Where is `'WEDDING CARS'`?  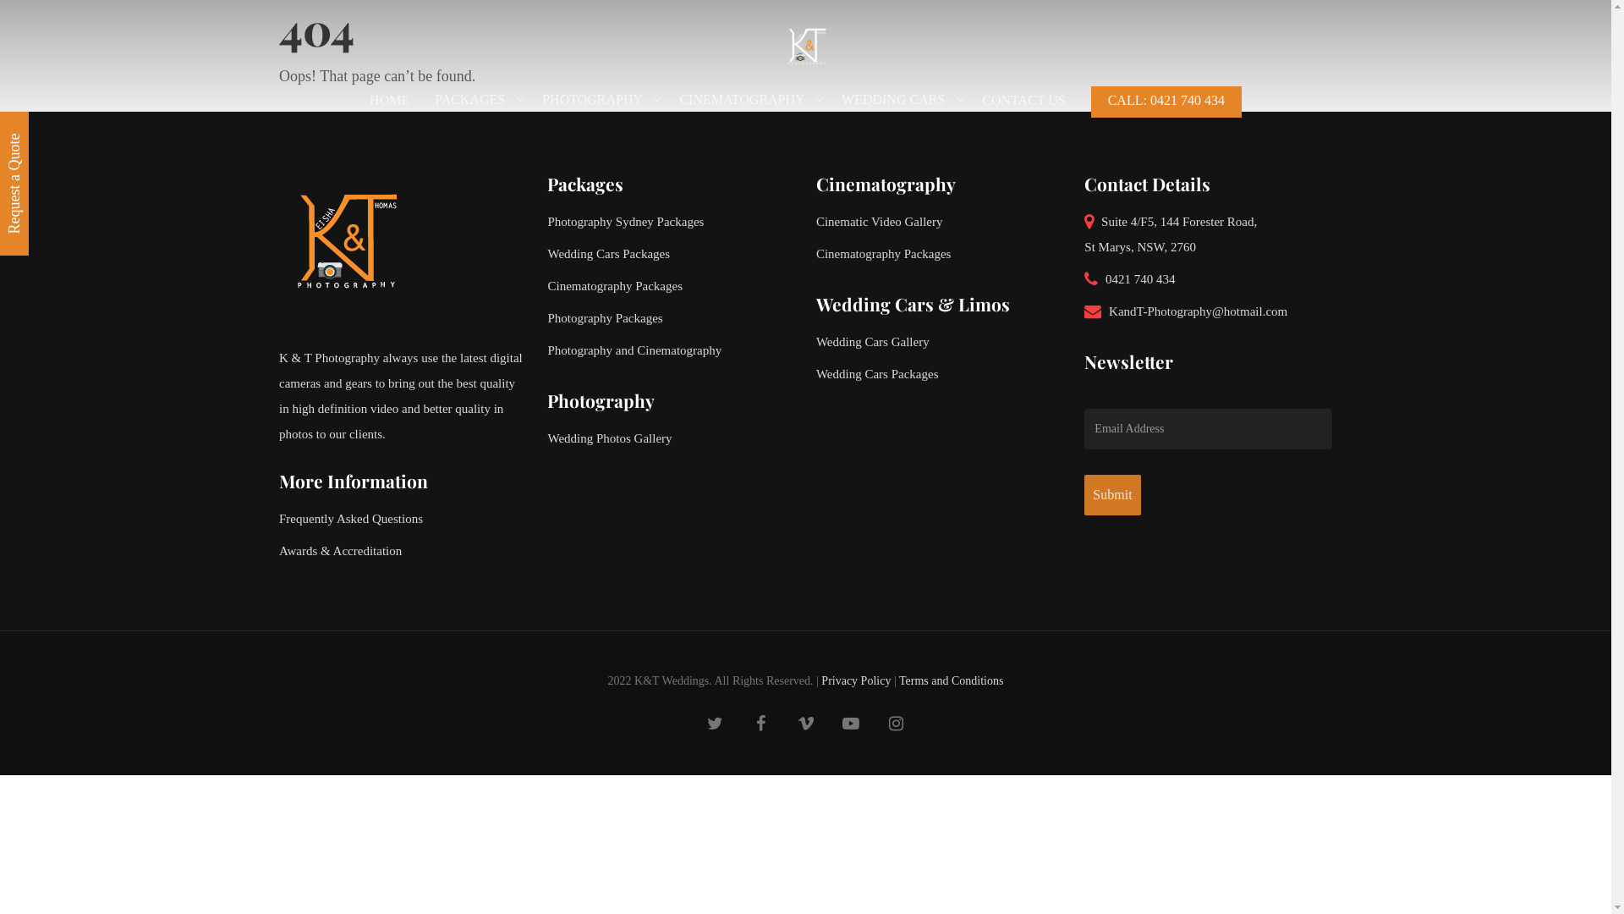
'WEDDING CARS' is located at coordinates (897, 108).